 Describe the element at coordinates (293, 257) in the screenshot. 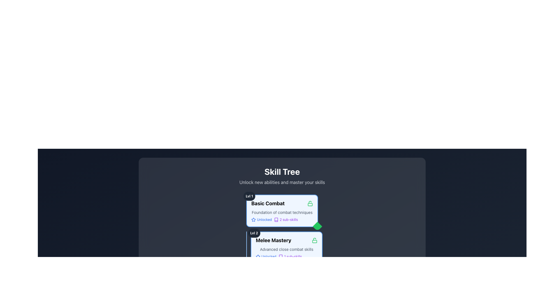

I see `the Text label indicating the availability of 'sub-skills' related to the 'Melee Mastery' skill, located near the bottom-center of the UI, to the right of a book icon` at that location.